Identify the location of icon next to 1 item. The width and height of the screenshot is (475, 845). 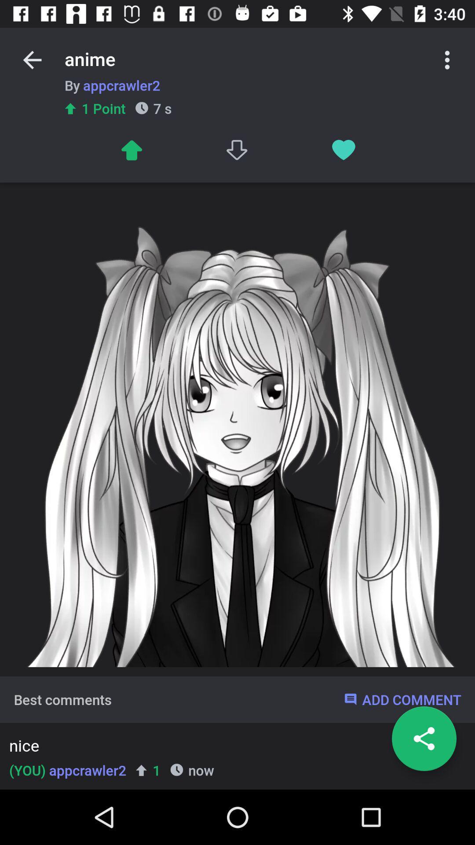
(67, 770).